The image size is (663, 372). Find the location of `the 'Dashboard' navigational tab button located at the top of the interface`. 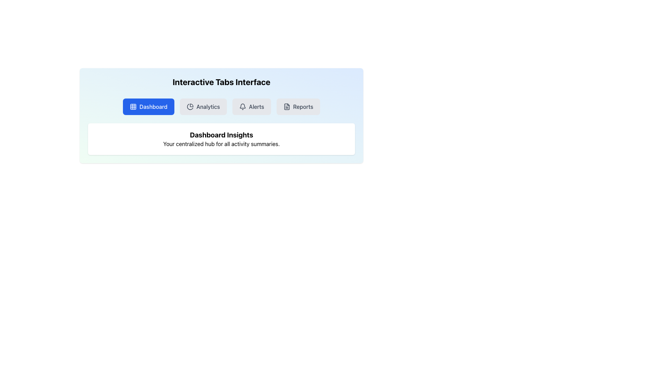

the 'Dashboard' navigational tab button located at the top of the interface is located at coordinates (148, 106).